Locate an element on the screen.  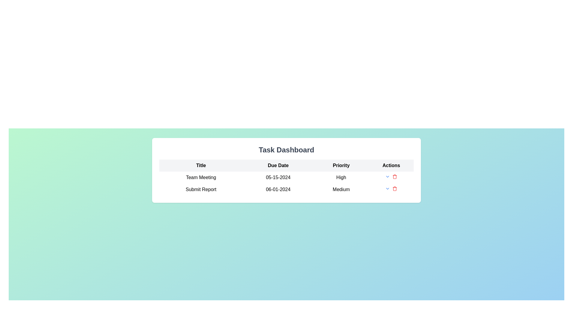
the 'Due Date' text element displaying the deadline for the 'Submit Report' task in the task dashboard table is located at coordinates (278, 190).